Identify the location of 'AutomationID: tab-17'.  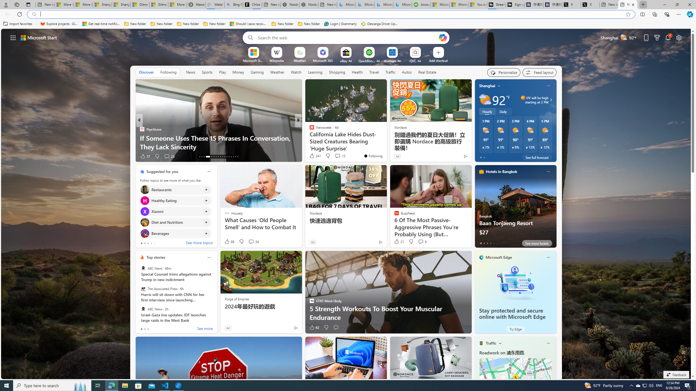
(210, 157).